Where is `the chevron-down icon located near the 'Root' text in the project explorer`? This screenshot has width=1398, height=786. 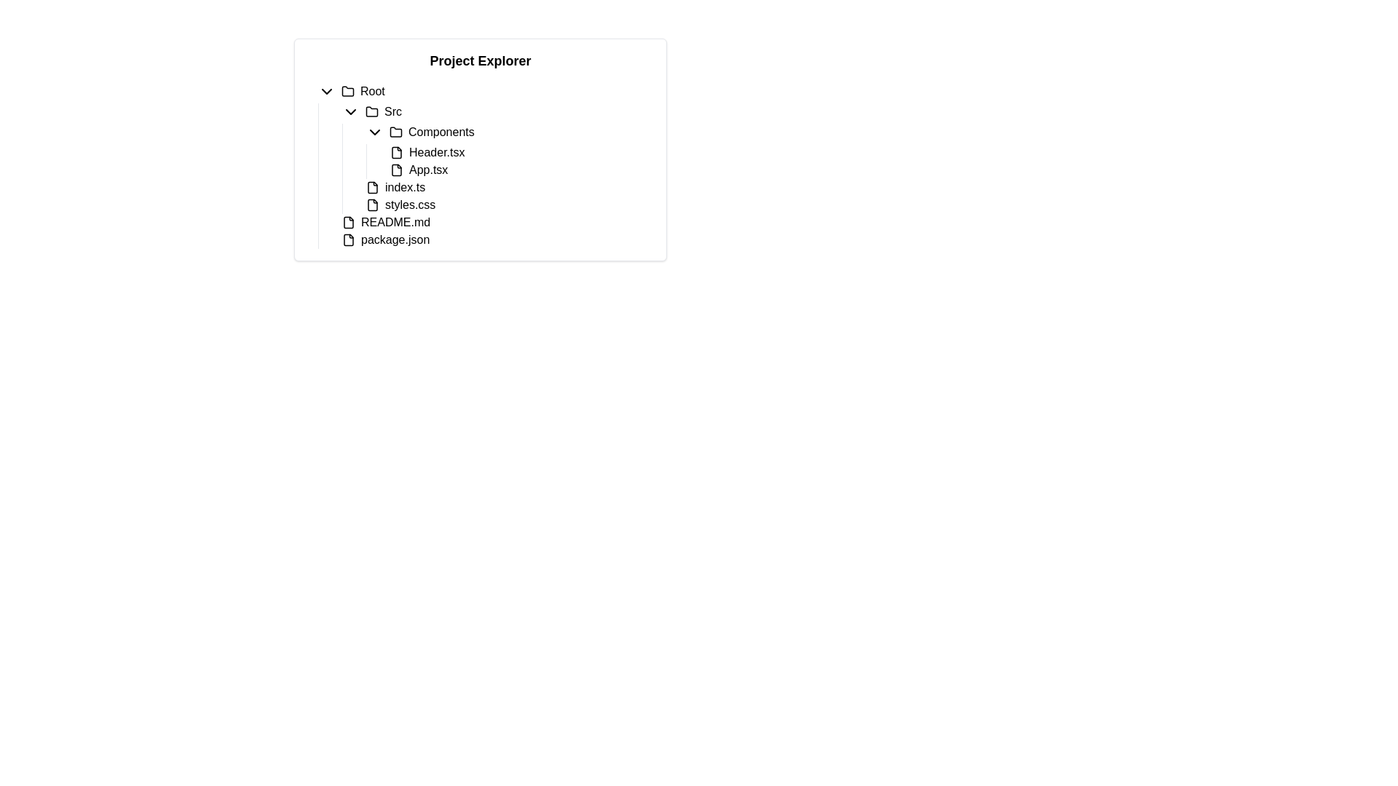 the chevron-down icon located near the 'Root' text in the project explorer is located at coordinates (326, 92).